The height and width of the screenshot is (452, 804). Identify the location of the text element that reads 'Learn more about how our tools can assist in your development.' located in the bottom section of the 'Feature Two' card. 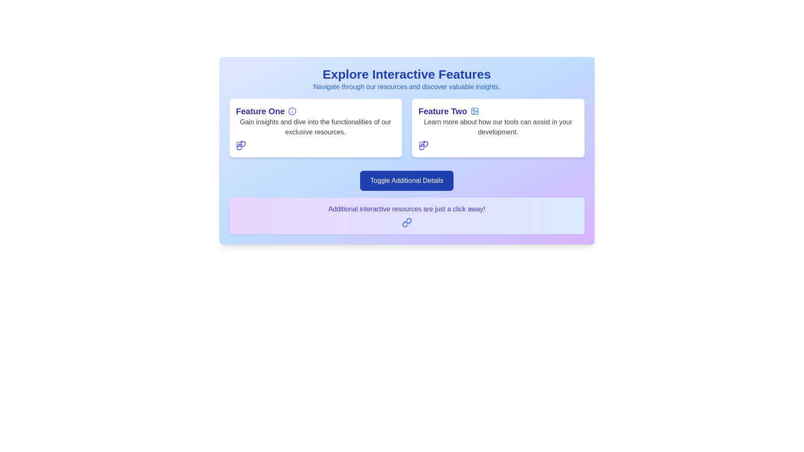
(498, 127).